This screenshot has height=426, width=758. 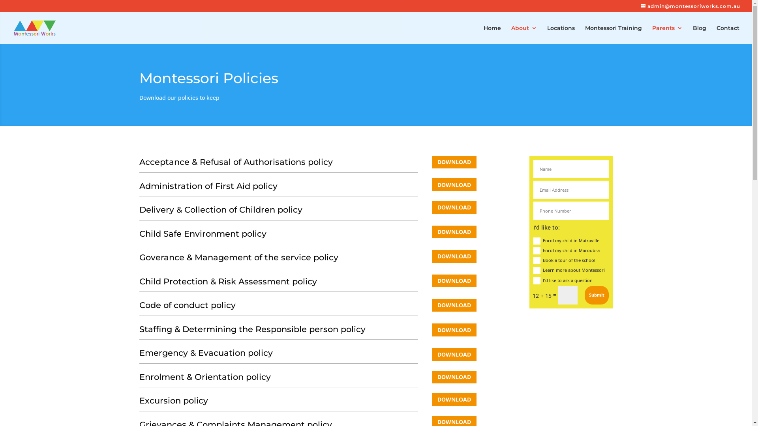 I want to click on 'admin@montessoriworks.com.au', so click(x=690, y=6).